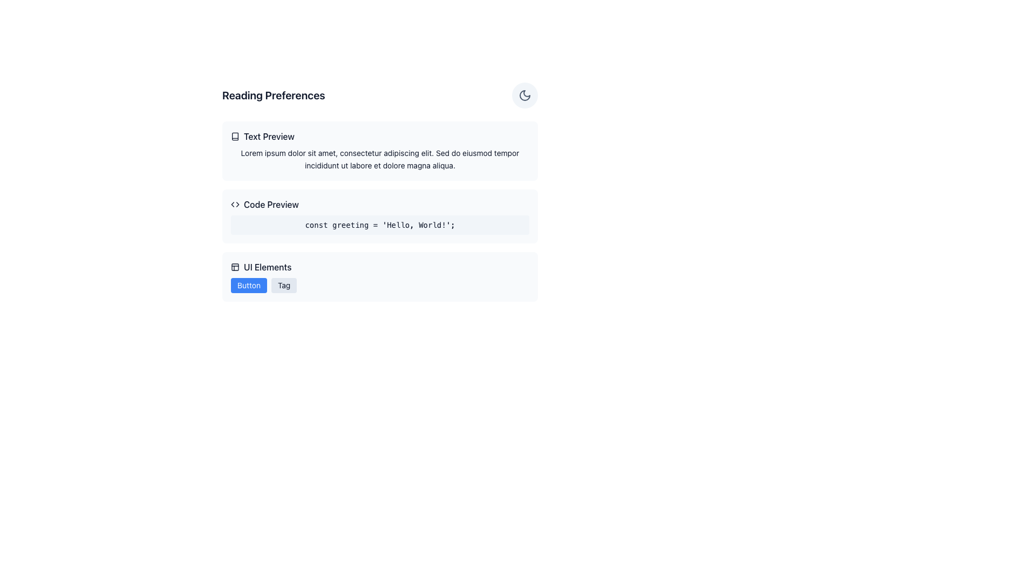 The width and height of the screenshot is (1036, 583). I want to click on the theme toggle button located in the top-right corner of the 'Reading Preferences' section to observe the color change, so click(525, 95).